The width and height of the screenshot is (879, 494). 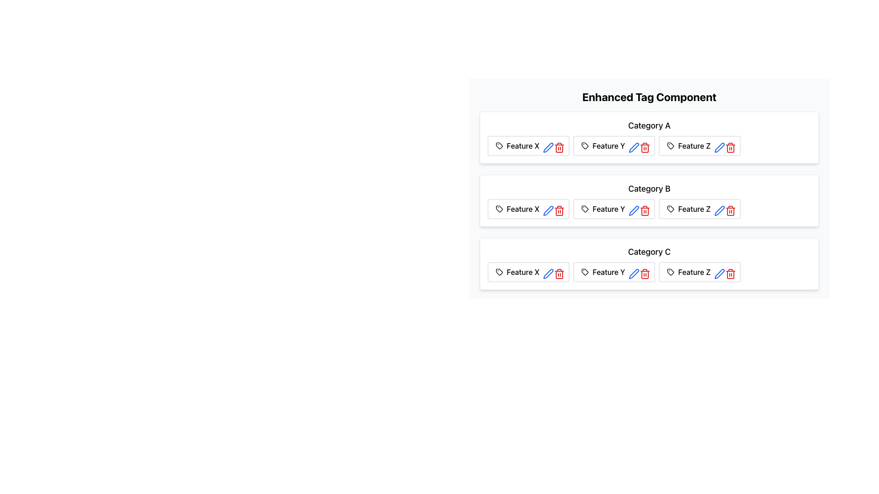 I want to click on the purple tag icon located to the left of the 'Feature X' button, so click(x=499, y=209).